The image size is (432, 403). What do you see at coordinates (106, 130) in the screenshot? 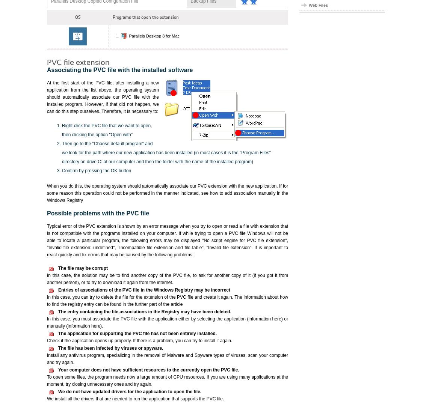
I see `'Right-click the PVC file that we want to open, then clicking the option "Open with"'` at bounding box center [106, 130].